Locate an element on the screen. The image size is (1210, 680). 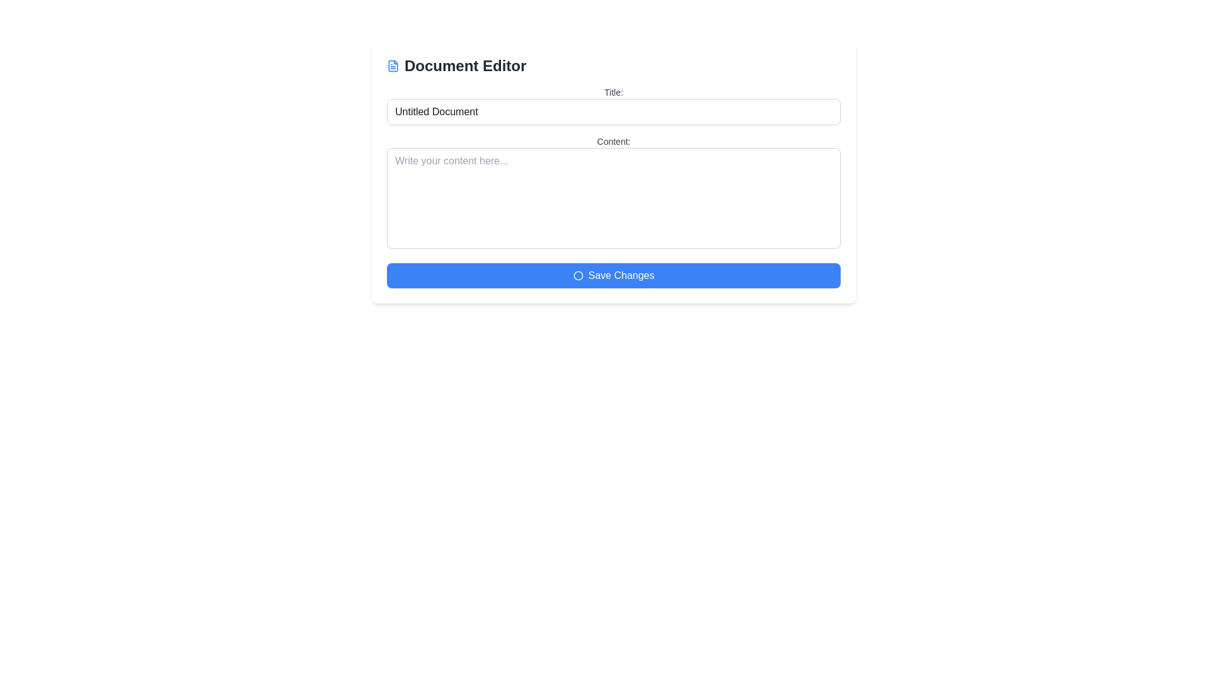
the Text Label that indicates the user should enter the content of the document in the text area, which is centrally aligned above the multi-line text input field is located at coordinates (614, 141).